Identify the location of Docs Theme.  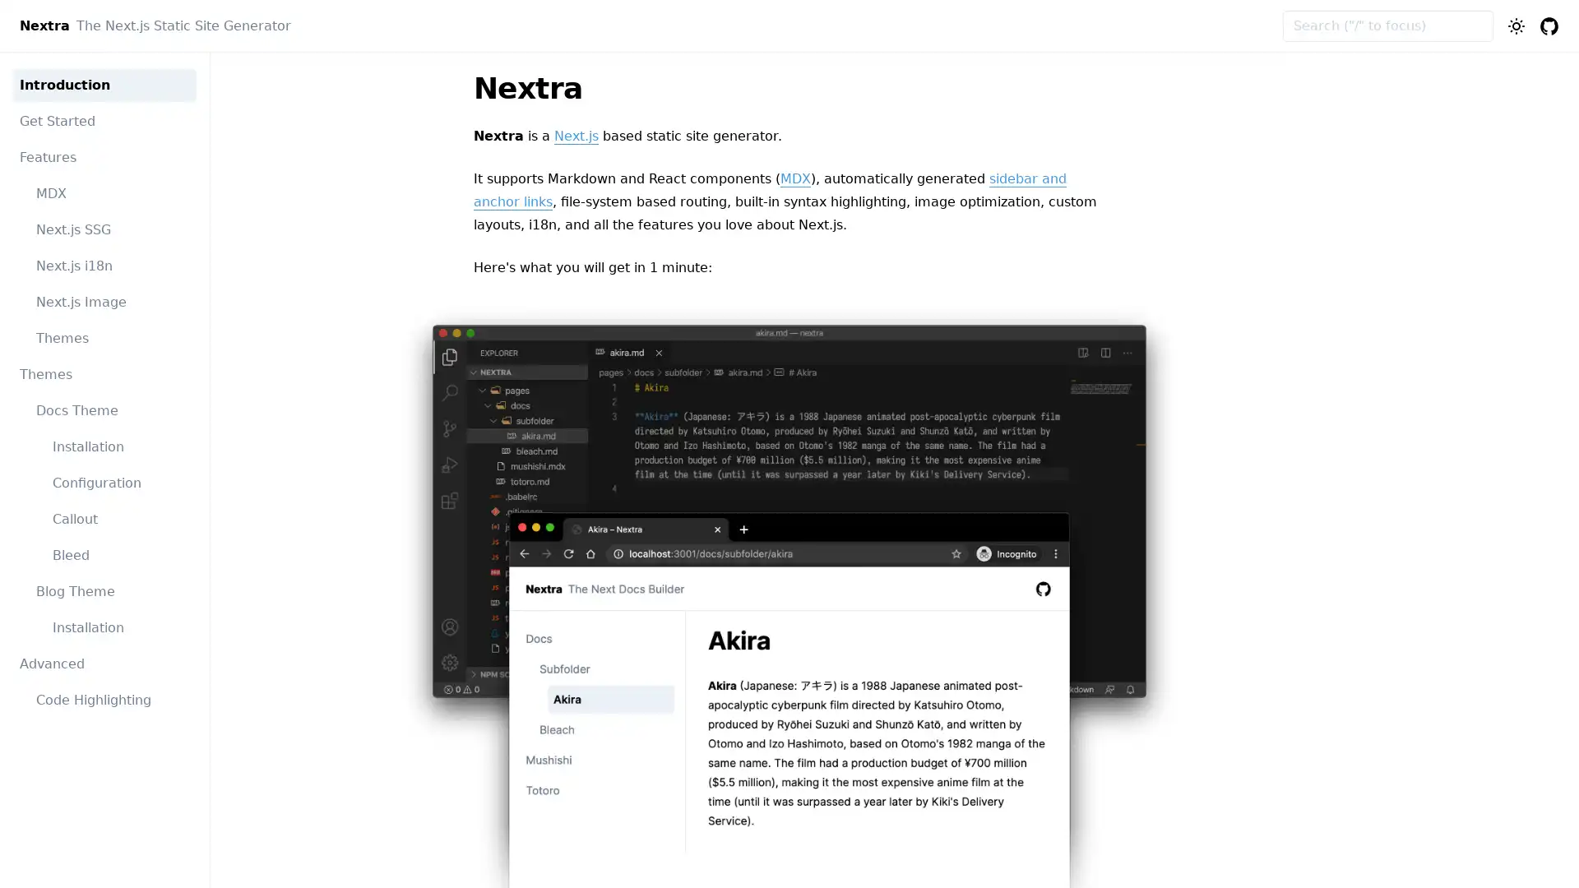
(112, 410).